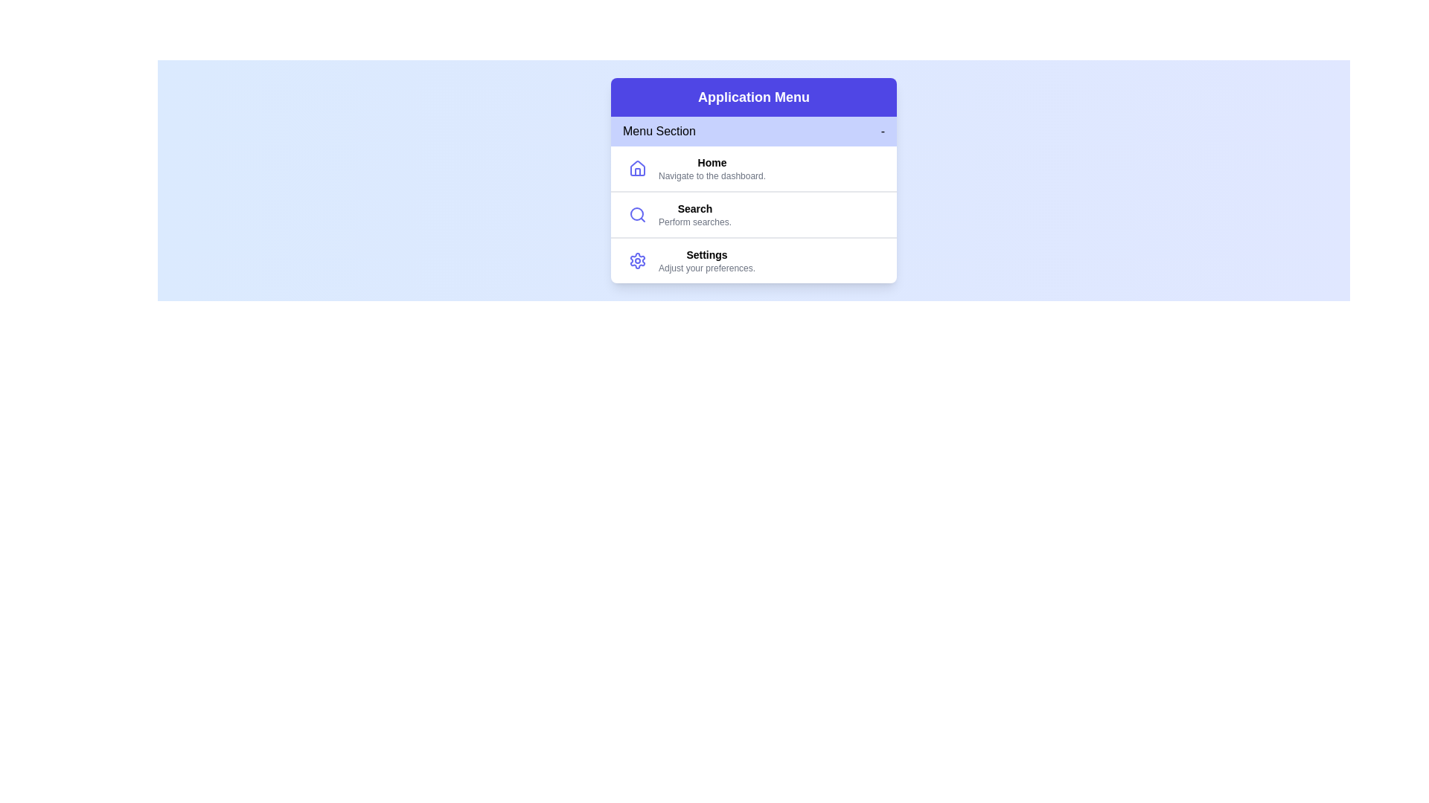 The image size is (1429, 803). What do you see at coordinates (753, 259) in the screenshot?
I see `the menu item settings to highlight it` at bounding box center [753, 259].